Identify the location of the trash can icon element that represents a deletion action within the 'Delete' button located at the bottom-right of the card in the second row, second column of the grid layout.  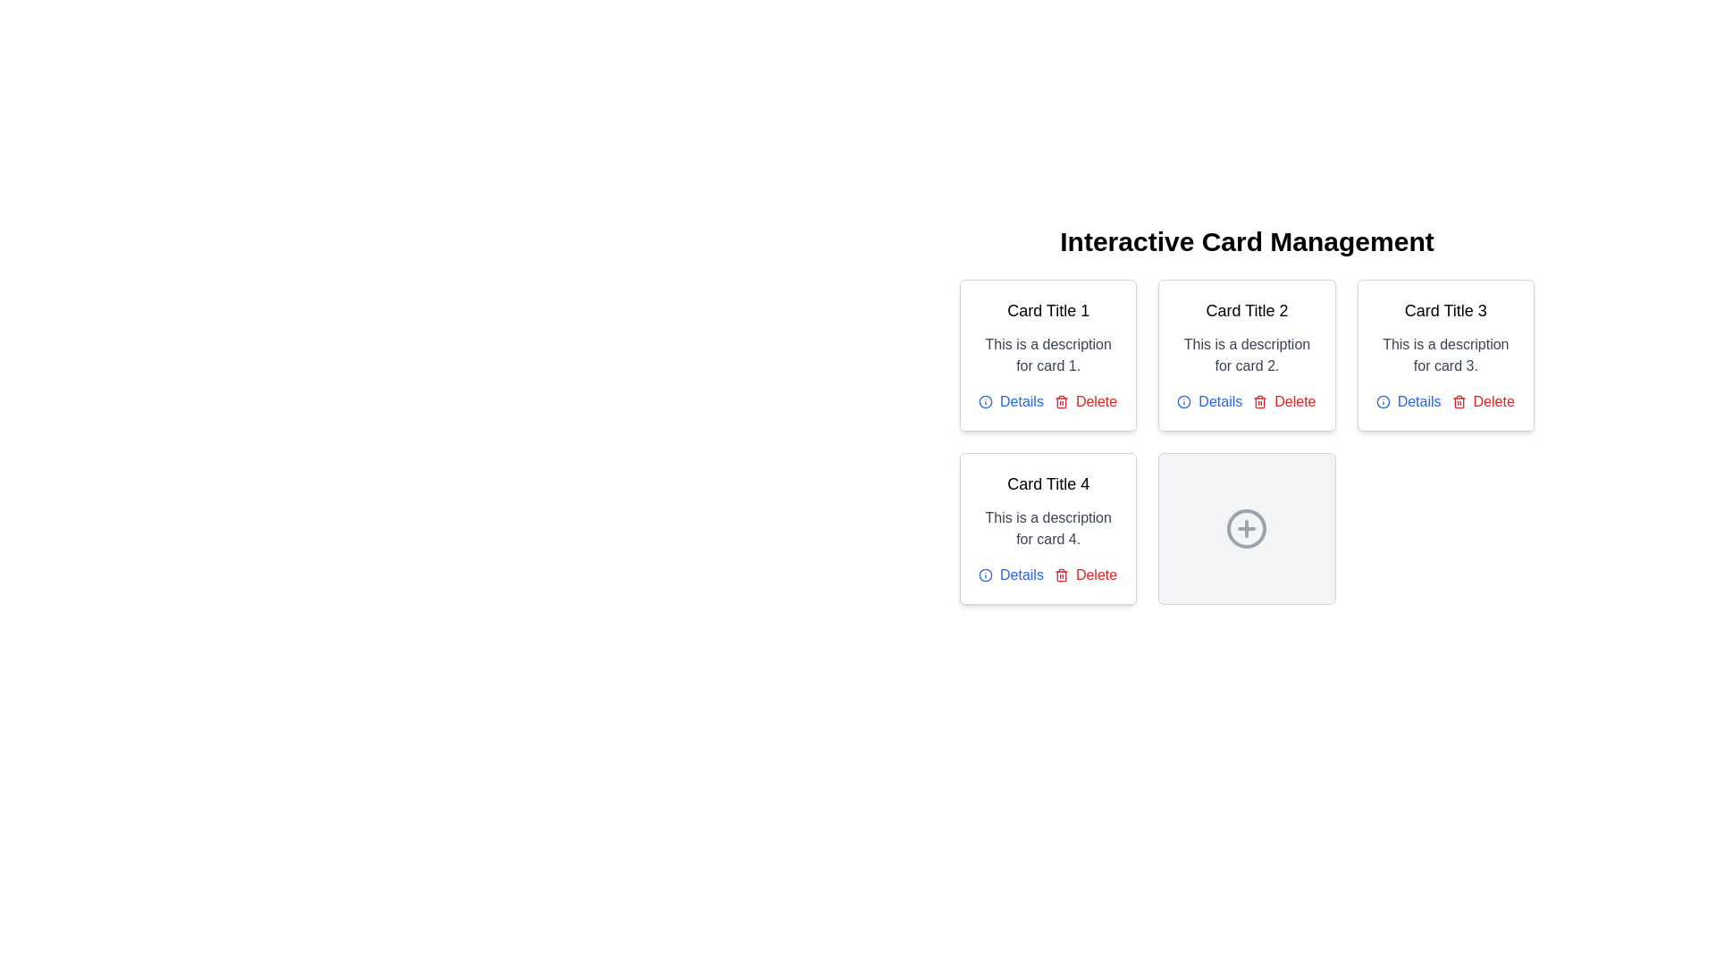
(1459, 403).